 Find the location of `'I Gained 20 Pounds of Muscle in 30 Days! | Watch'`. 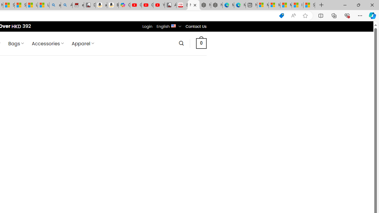

'I Gained 20 Pounds of Muscle in 30 Days! | Watch' is located at coordinates (297, 5).